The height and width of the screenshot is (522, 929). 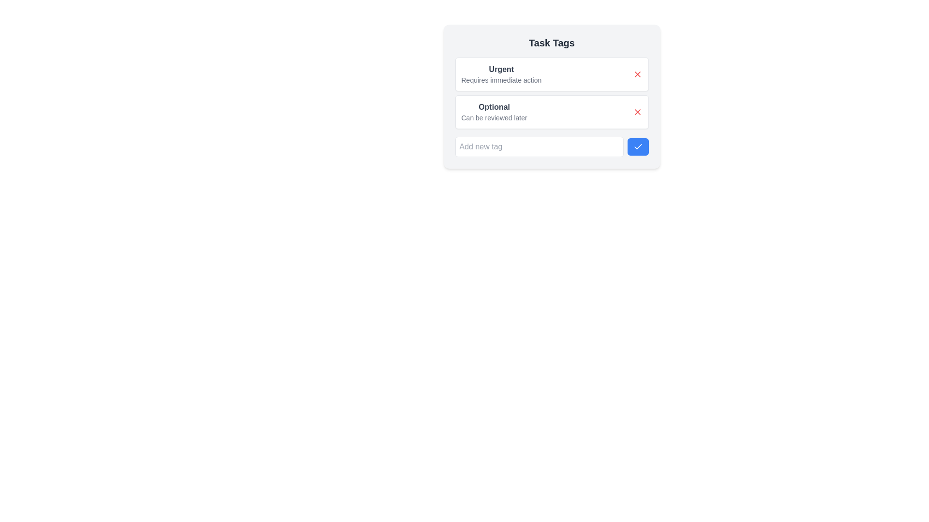 What do you see at coordinates (638, 146) in the screenshot?
I see `the action confirmation icon located within the blue button next to the 'Add new tag' input field` at bounding box center [638, 146].